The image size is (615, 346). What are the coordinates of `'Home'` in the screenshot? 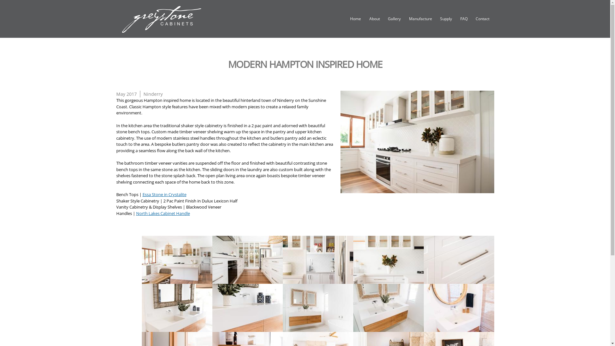 It's located at (355, 19).